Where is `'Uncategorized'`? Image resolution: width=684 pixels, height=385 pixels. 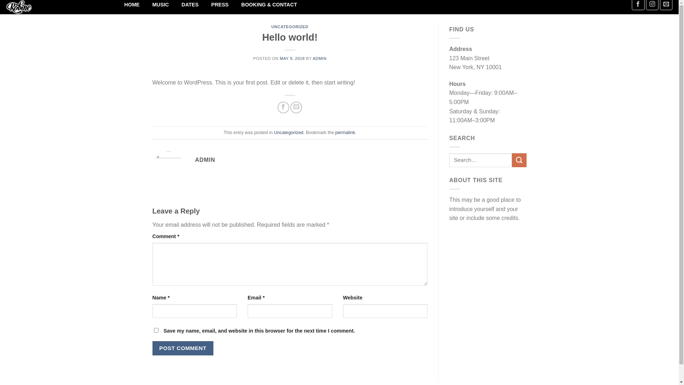 'Uncategorized' is located at coordinates (289, 132).